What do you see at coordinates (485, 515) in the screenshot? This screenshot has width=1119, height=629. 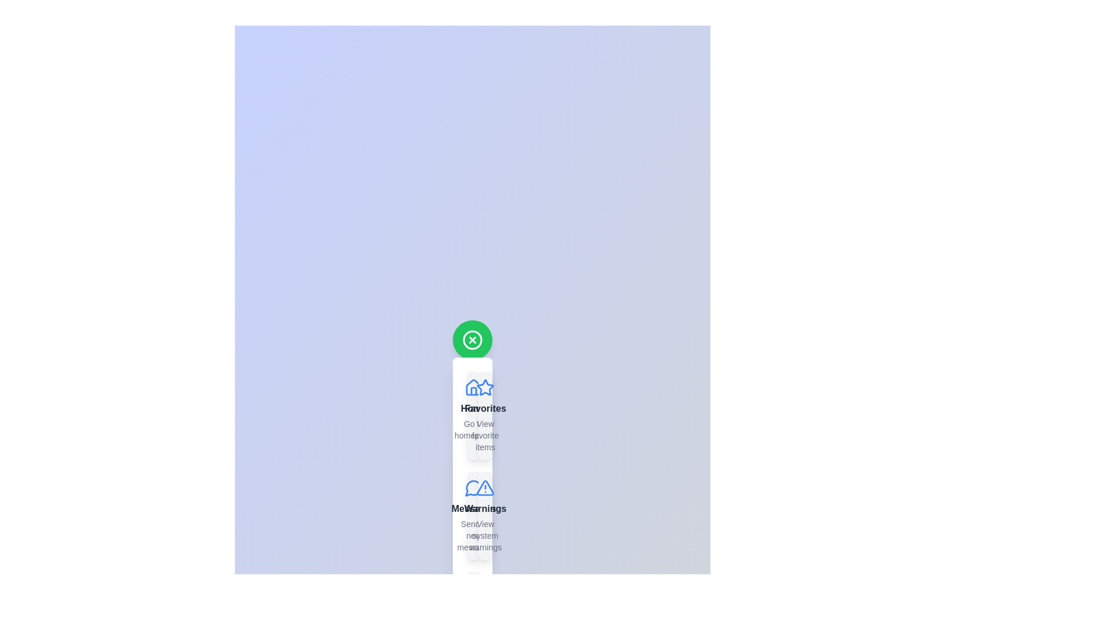 I see `the item labeled Warnings from the SpeedDial menu` at bounding box center [485, 515].